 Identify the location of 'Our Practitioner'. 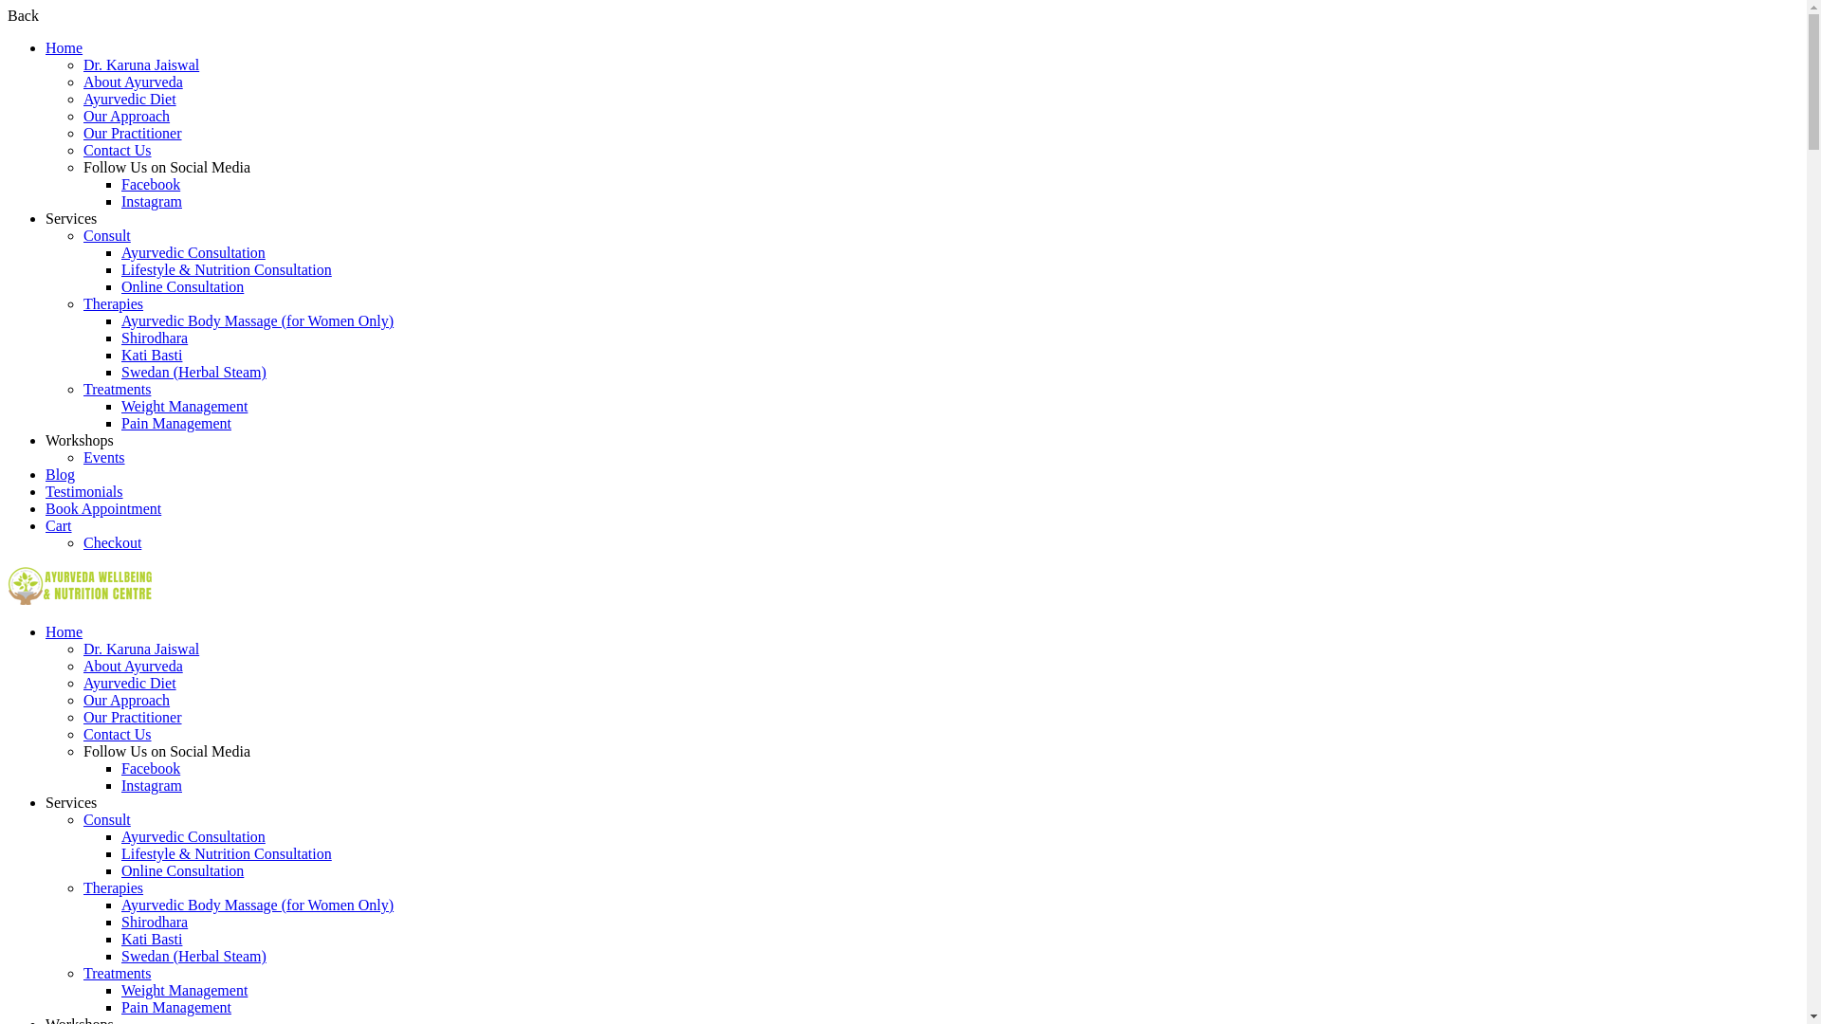
(131, 132).